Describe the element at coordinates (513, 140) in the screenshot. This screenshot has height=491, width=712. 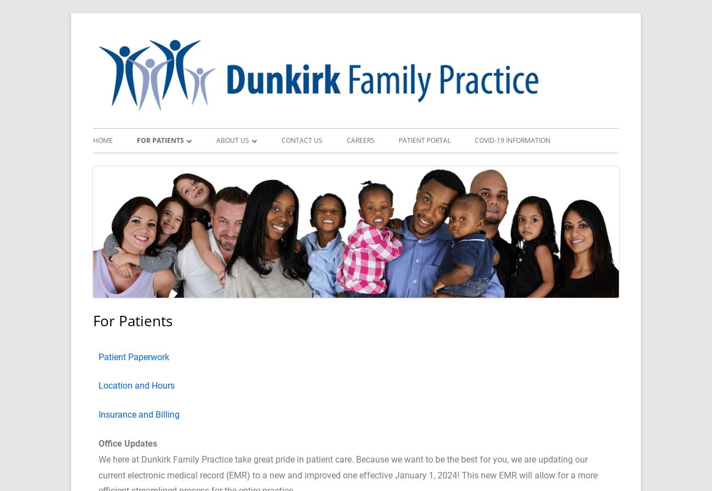
I see `'COVID-19 Information'` at that location.